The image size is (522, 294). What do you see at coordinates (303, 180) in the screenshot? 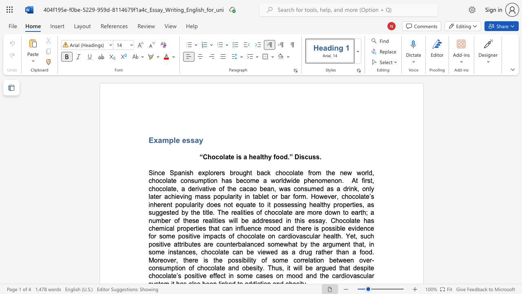
I see `the subset text "phen" within the text "Since Spanish explorers brought back chocolate from the new world, chocolate consumption has become a worldwide phenomenon"` at bounding box center [303, 180].